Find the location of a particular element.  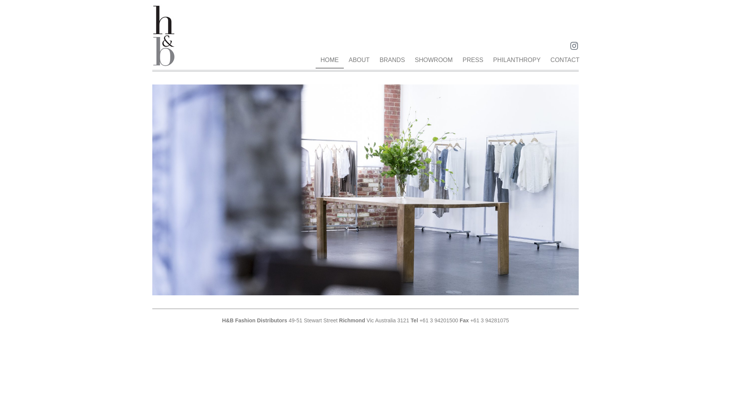

'CONTACT' is located at coordinates (565, 60).